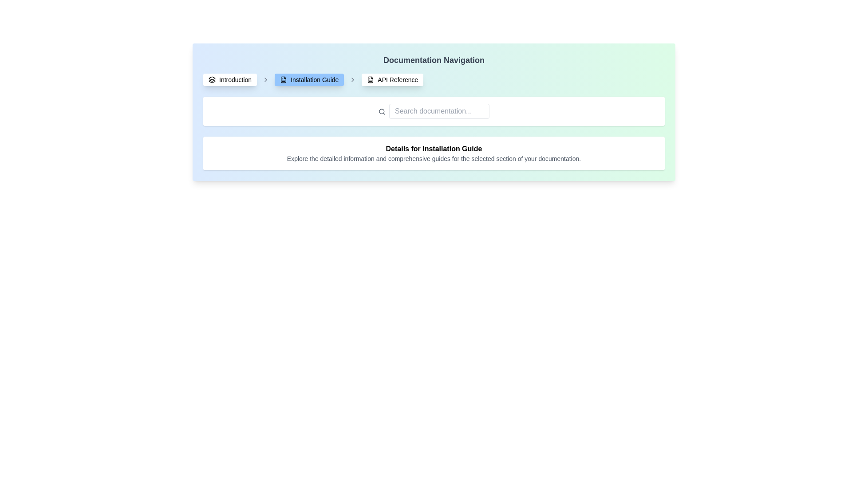 The width and height of the screenshot is (852, 479). What do you see at coordinates (283, 80) in the screenshot?
I see `the 'Installation Guide' button which contains a blue-bordered file icon on its left side` at bounding box center [283, 80].